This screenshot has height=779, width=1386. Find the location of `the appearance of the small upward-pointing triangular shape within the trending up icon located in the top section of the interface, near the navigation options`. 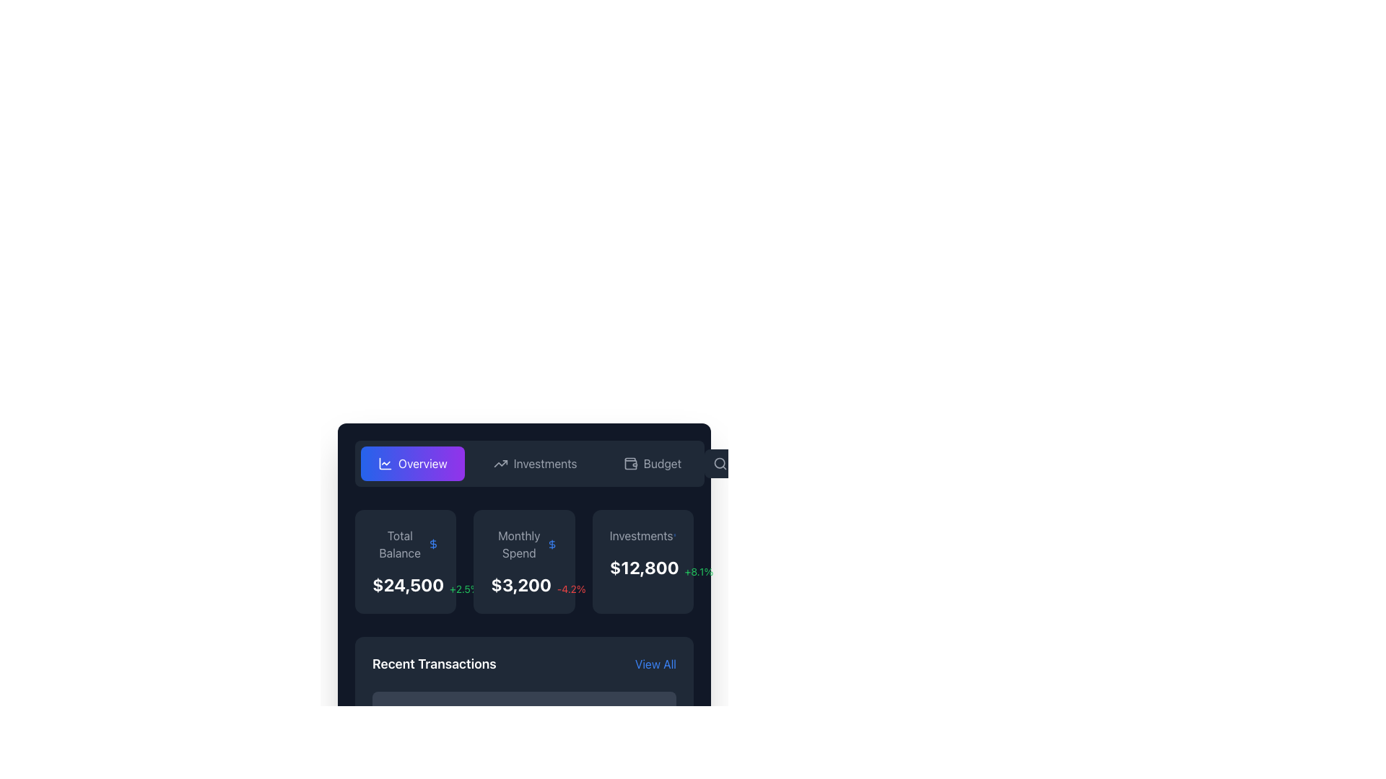

the appearance of the small upward-pointing triangular shape within the trending up icon located in the top section of the interface, near the navigation options is located at coordinates (500, 464).